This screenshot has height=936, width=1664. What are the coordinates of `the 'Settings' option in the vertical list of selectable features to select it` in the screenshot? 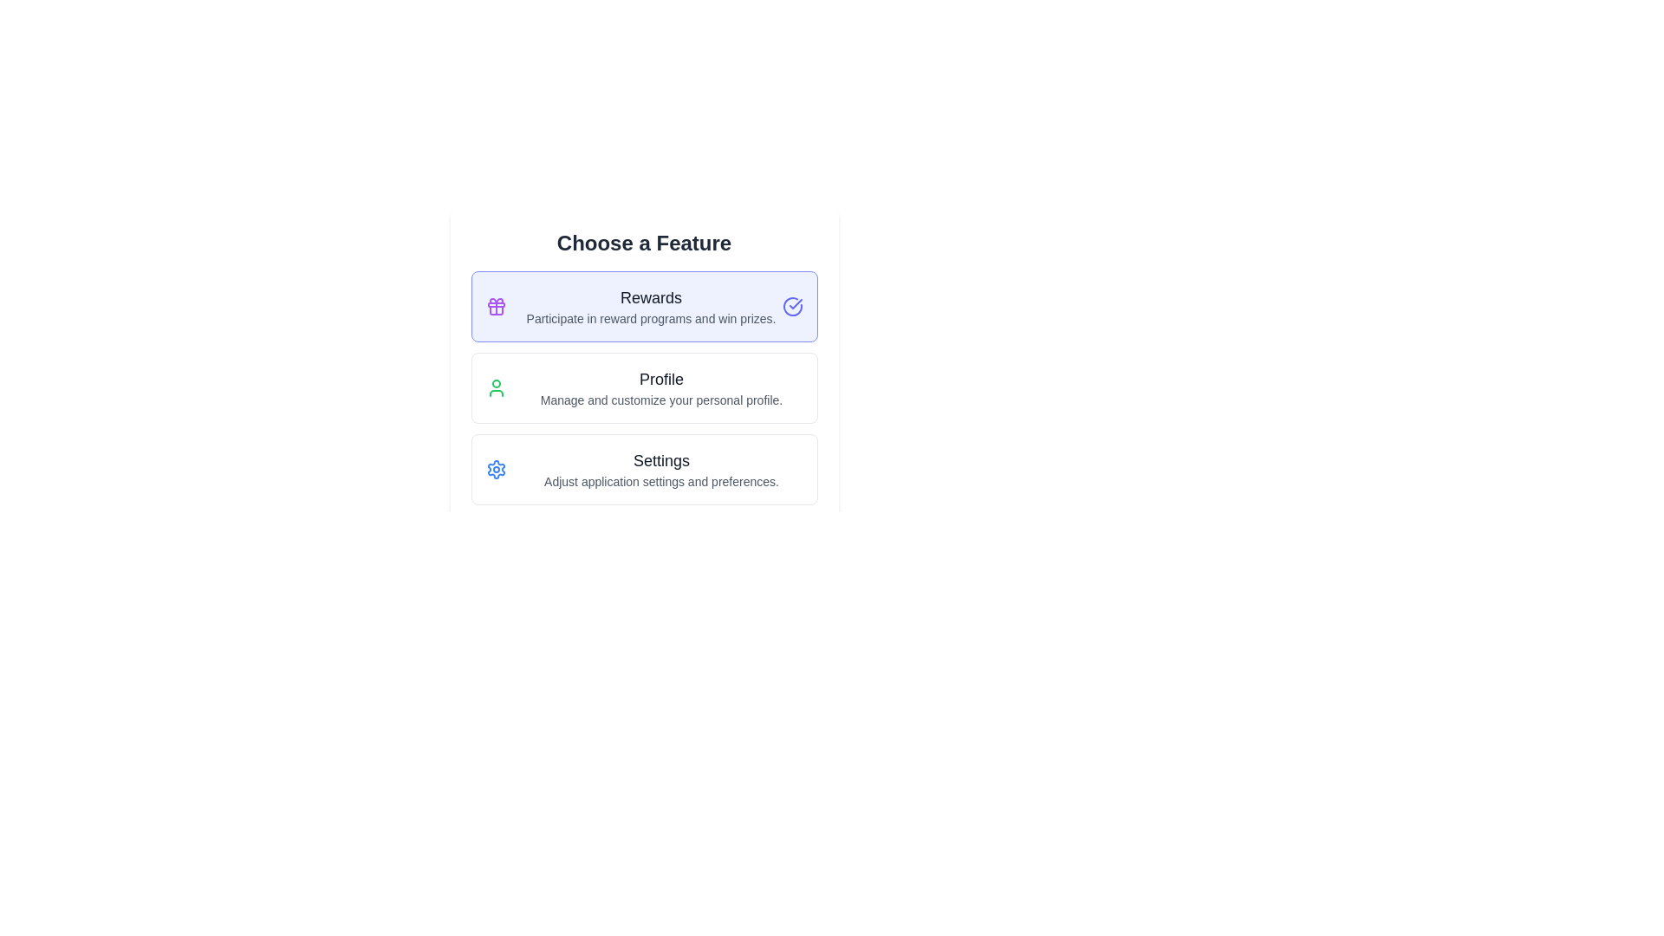 It's located at (660, 470).